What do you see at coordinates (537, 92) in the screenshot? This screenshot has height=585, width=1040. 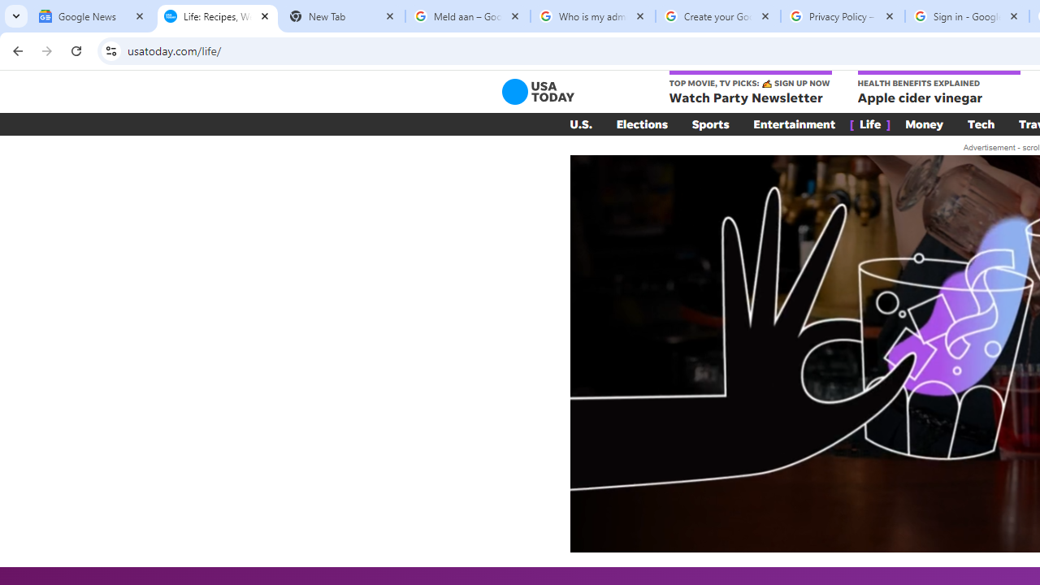 I see `'USA TODAY'` at bounding box center [537, 92].